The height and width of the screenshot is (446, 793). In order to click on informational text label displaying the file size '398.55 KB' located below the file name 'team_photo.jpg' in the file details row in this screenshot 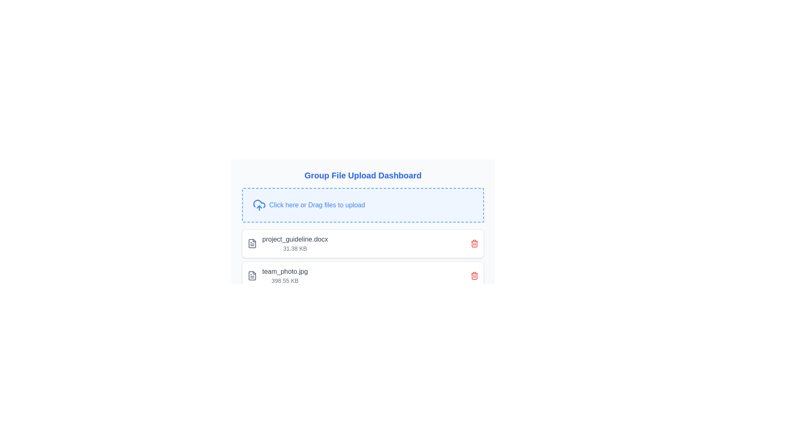, I will do `click(285, 280)`.